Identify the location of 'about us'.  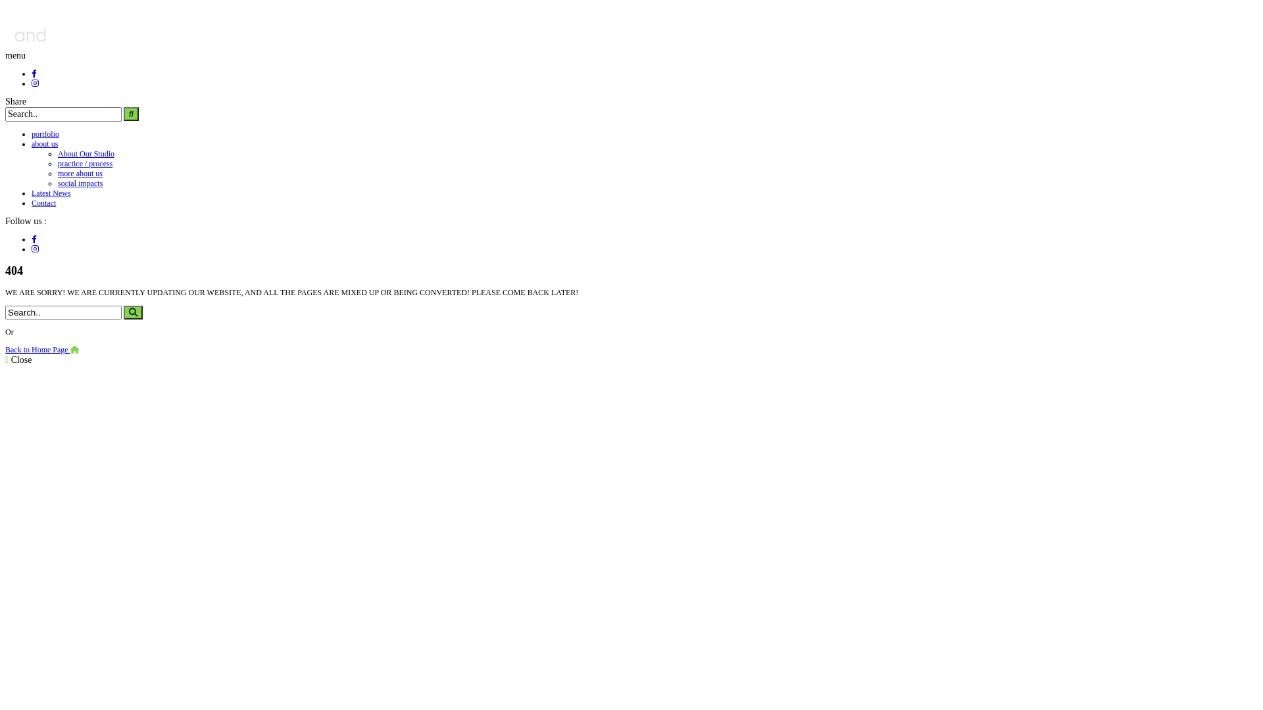
(44, 144).